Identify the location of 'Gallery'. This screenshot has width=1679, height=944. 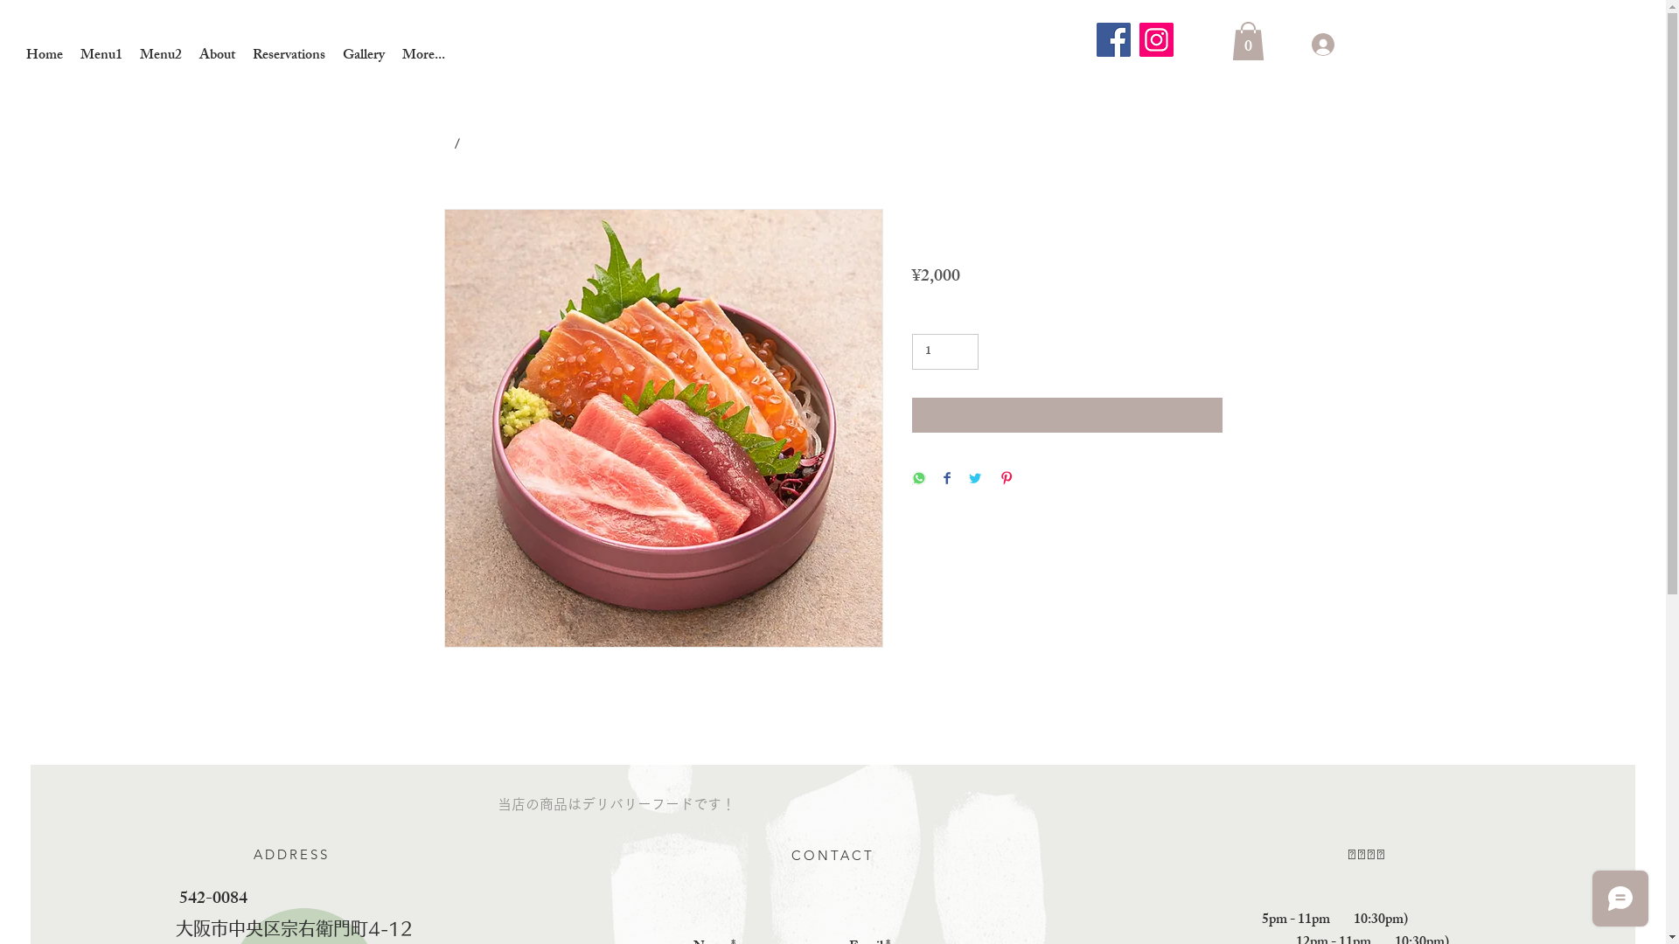
(363, 55).